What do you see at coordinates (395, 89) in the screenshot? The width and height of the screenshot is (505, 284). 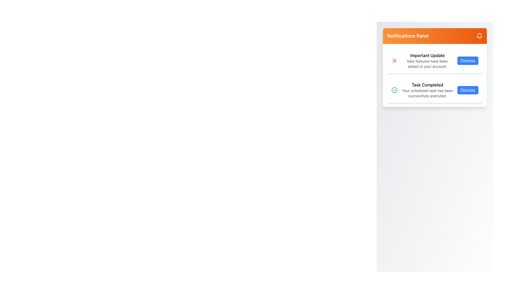 I see `the checkmark icon indicating successful completion of the task, which is located within a green circular icon in the bottom notification titled 'Task Completed'` at bounding box center [395, 89].